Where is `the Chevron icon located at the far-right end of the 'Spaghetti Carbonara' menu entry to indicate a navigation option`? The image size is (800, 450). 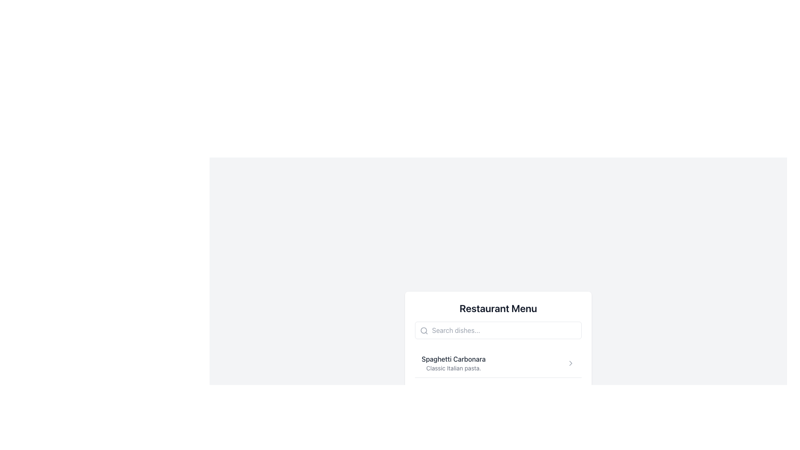 the Chevron icon located at the far-right end of the 'Spaghetti Carbonara' menu entry to indicate a navigation option is located at coordinates (570, 362).